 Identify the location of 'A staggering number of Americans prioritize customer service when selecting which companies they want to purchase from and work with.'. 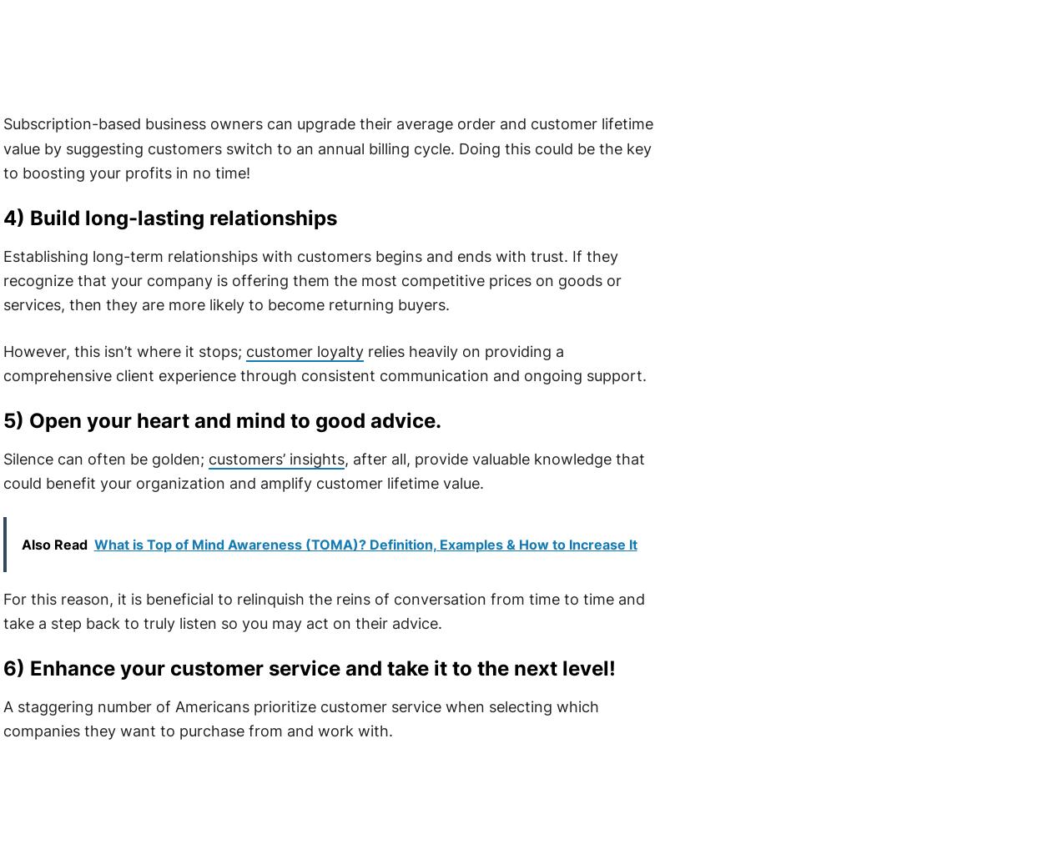
(300, 717).